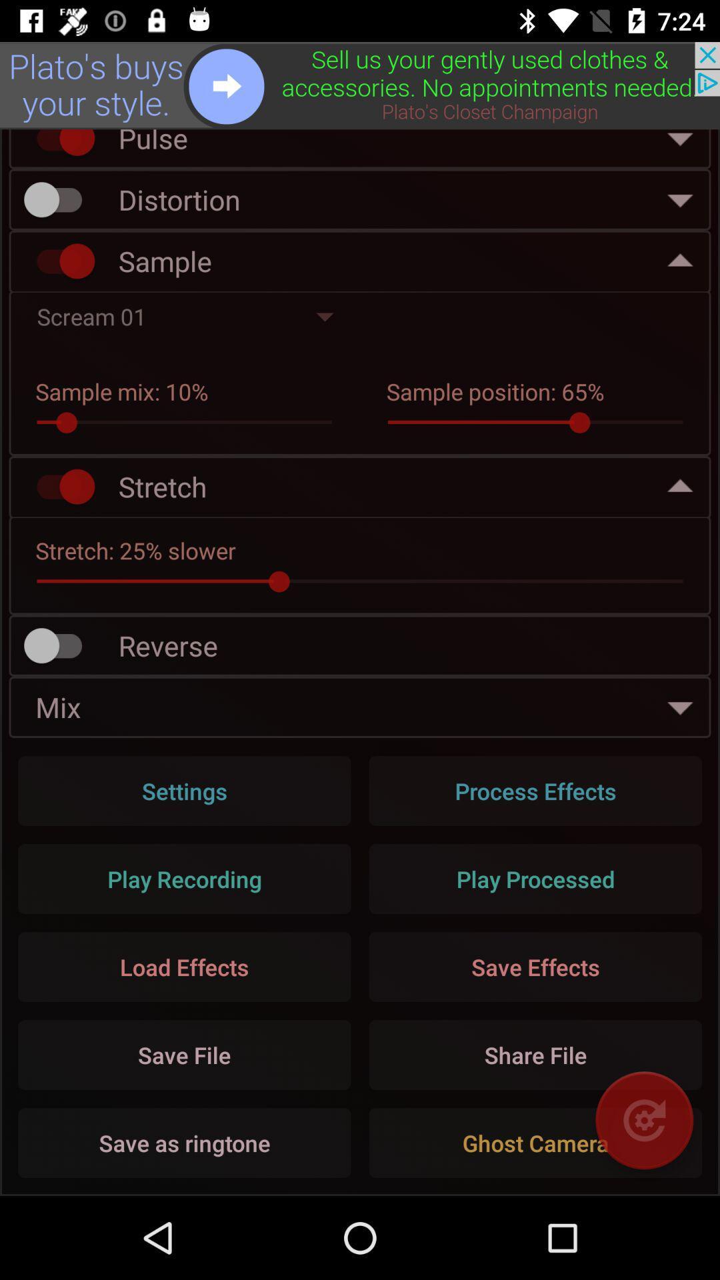 The width and height of the screenshot is (720, 1280). I want to click on notification of on button, so click(59, 145).